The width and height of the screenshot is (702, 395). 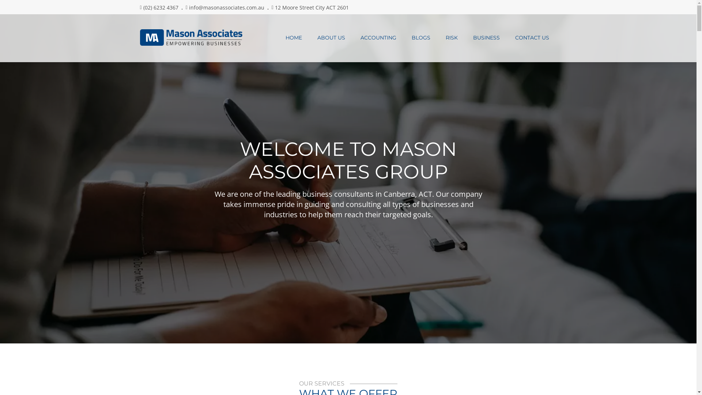 I want to click on 'ACCOUNTING', so click(x=352, y=38).